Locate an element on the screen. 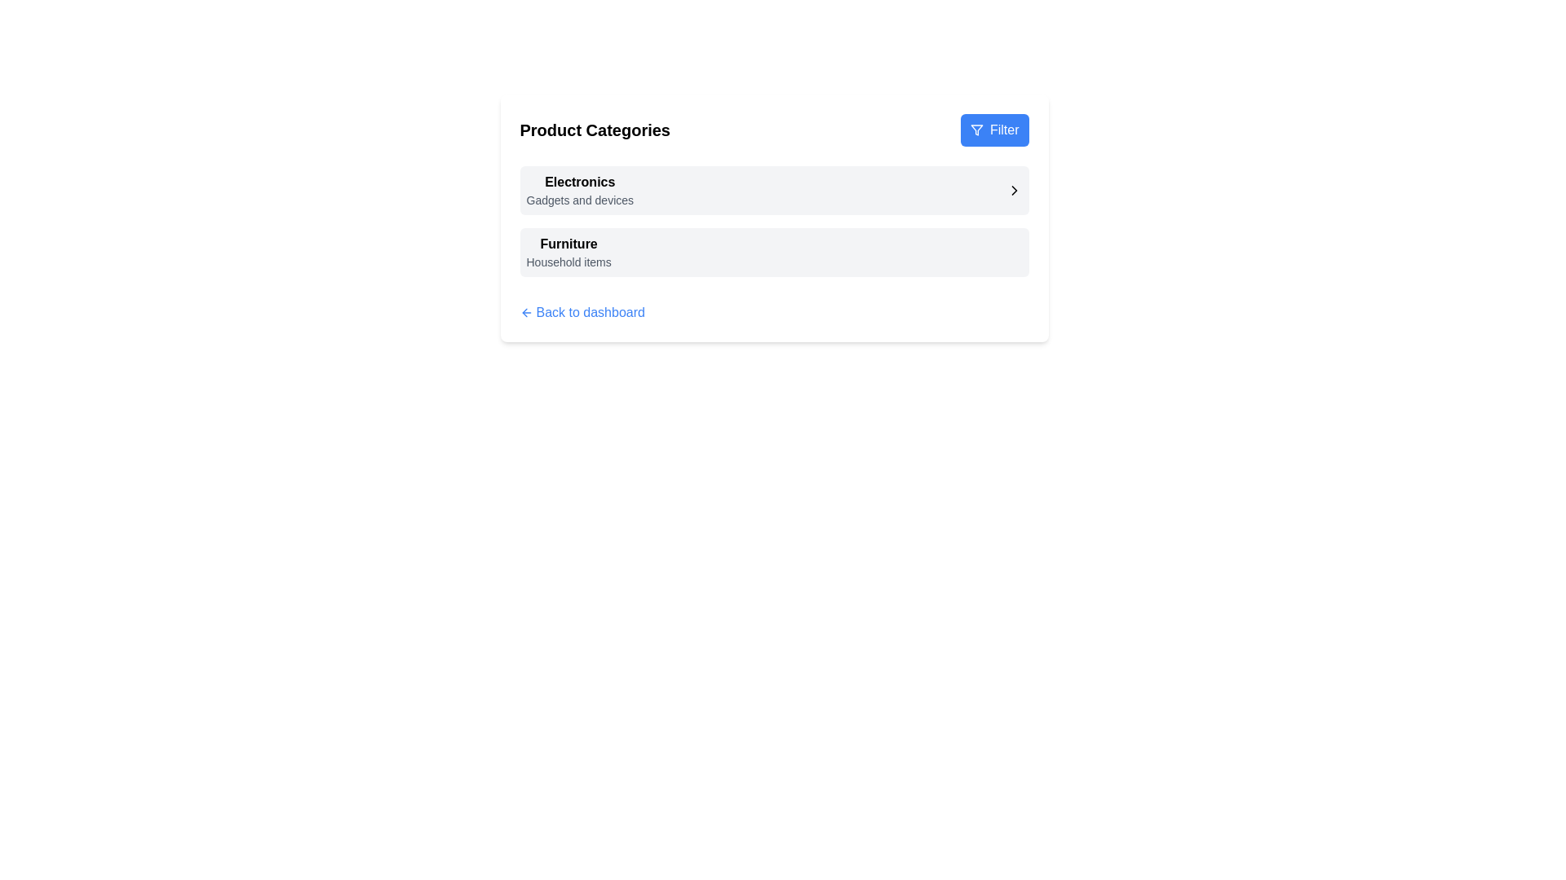  the 'Furniture' category selection list item for keyboard navigation is located at coordinates (773, 252).